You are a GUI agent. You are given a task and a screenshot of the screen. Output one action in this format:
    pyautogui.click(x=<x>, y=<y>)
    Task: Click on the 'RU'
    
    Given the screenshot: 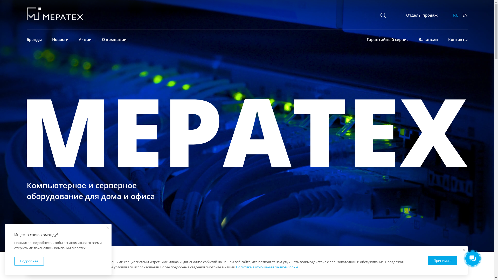 What is the action you would take?
    pyautogui.click(x=455, y=15)
    